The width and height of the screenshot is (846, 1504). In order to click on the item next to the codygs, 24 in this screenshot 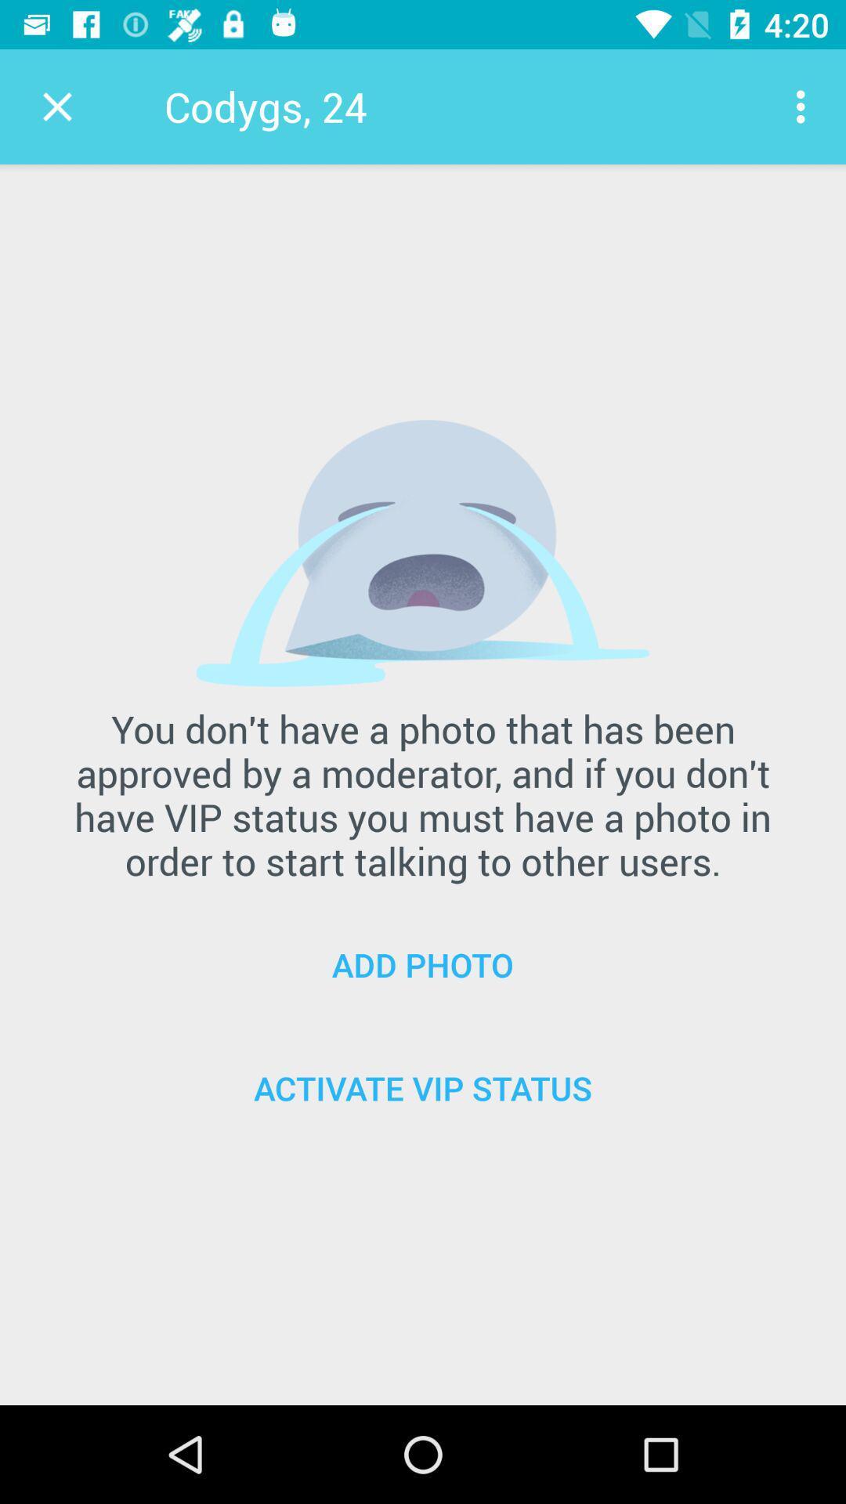, I will do `click(804, 106)`.